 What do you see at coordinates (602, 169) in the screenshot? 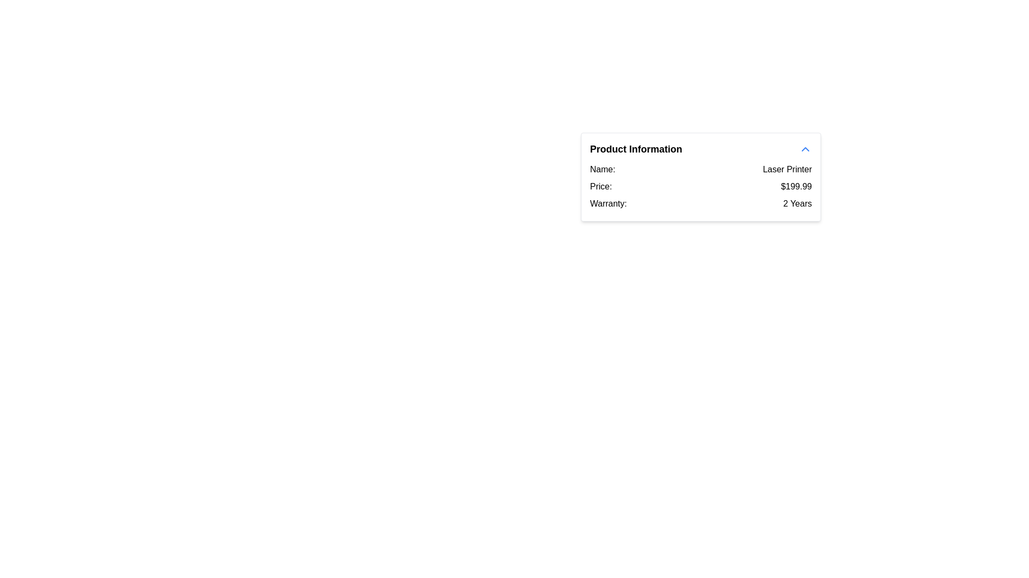
I see `the static text label displaying 'Name:' which is positioned to the left of 'Laser Printer'` at bounding box center [602, 169].